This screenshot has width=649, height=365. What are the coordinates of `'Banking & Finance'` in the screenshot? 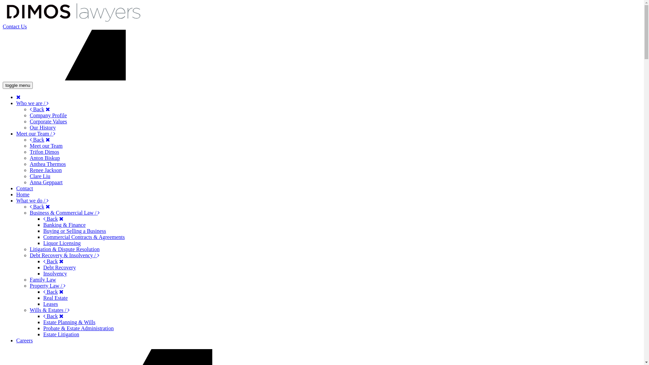 It's located at (64, 225).